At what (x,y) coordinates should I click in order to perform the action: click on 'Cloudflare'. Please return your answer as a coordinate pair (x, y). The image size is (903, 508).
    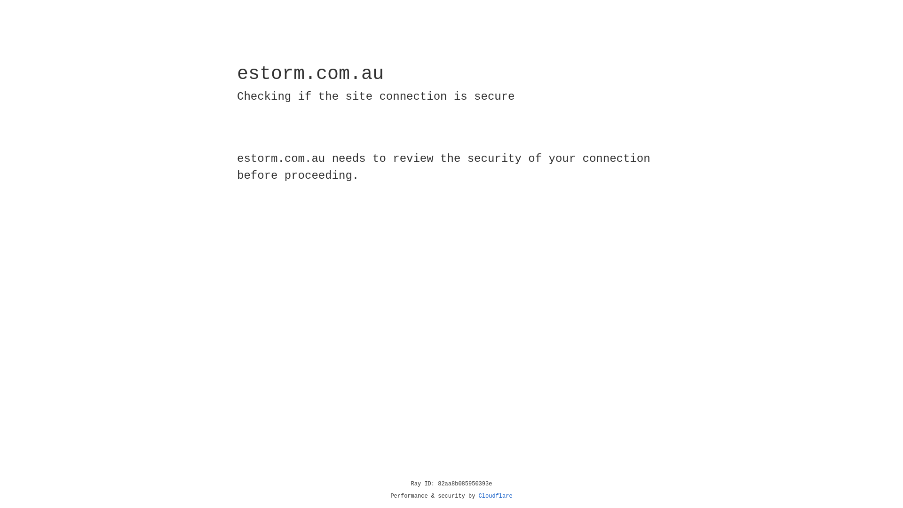
    Looking at the image, I should click on (478, 496).